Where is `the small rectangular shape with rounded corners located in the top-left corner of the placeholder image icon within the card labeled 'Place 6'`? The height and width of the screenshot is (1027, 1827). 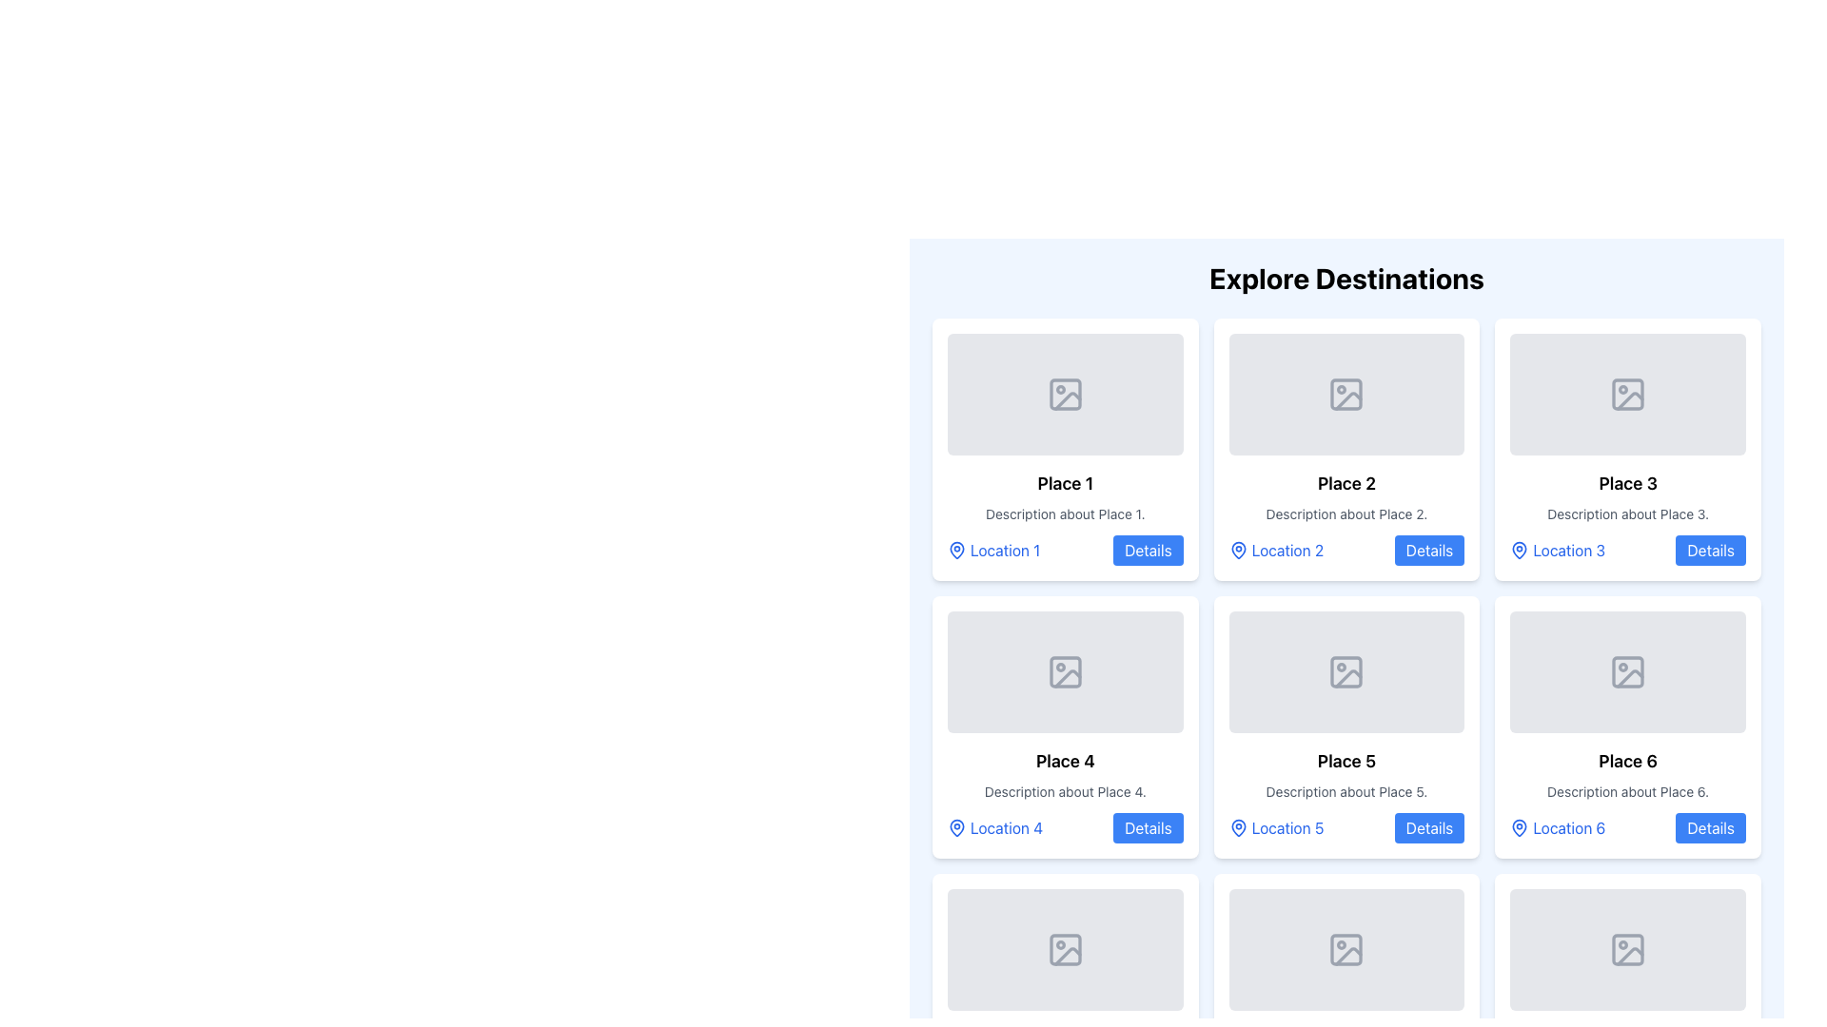
the small rectangular shape with rounded corners located in the top-left corner of the placeholder image icon within the card labeled 'Place 6' is located at coordinates (1627, 670).